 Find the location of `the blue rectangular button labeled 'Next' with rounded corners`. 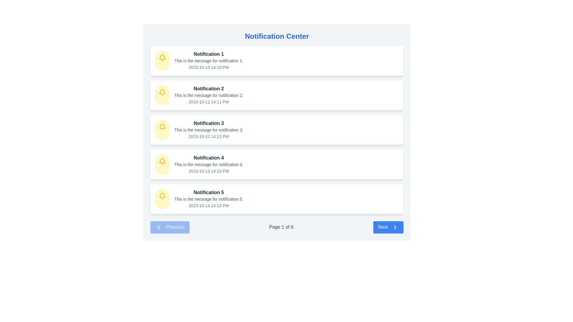

the blue rectangular button labeled 'Next' with rounded corners is located at coordinates (388, 227).